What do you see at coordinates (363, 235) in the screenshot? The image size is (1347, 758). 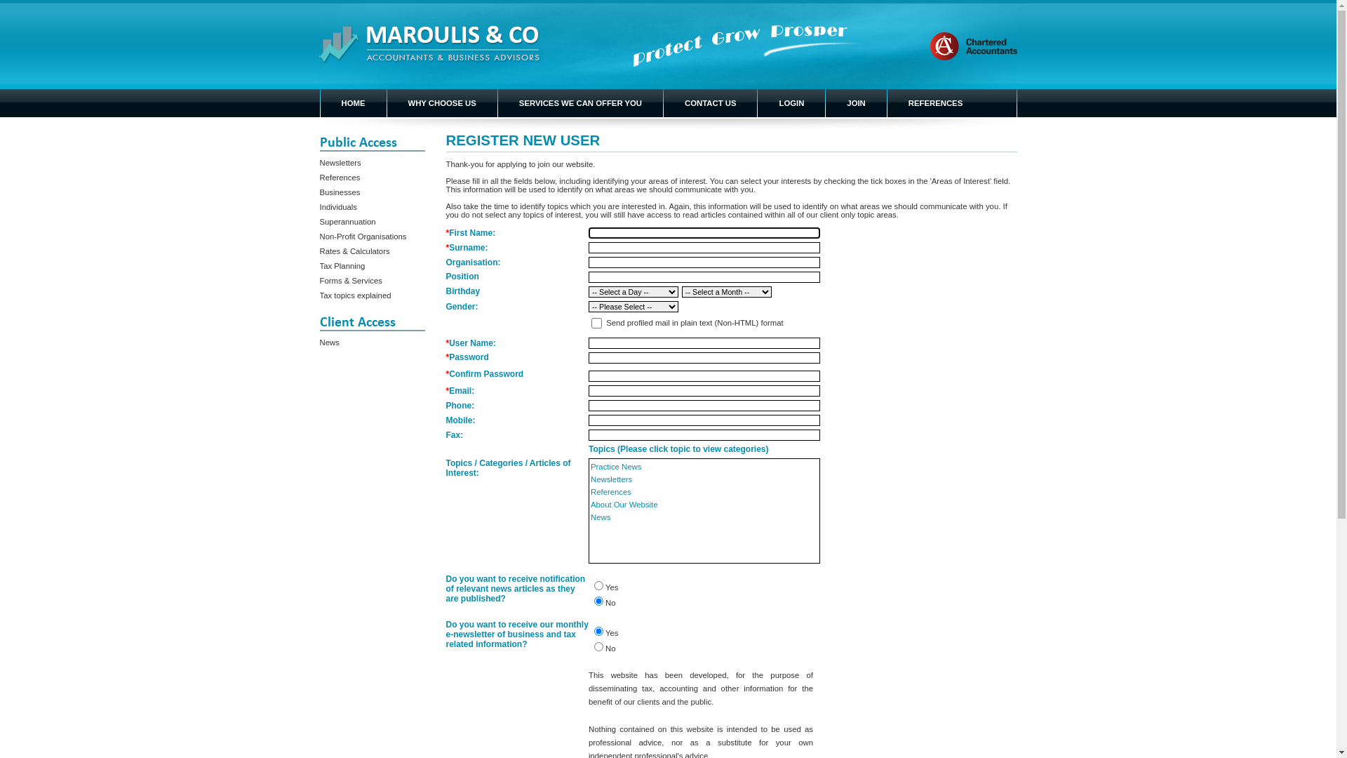 I see `'Non-Profit Organisations'` at bounding box center [363, 235].